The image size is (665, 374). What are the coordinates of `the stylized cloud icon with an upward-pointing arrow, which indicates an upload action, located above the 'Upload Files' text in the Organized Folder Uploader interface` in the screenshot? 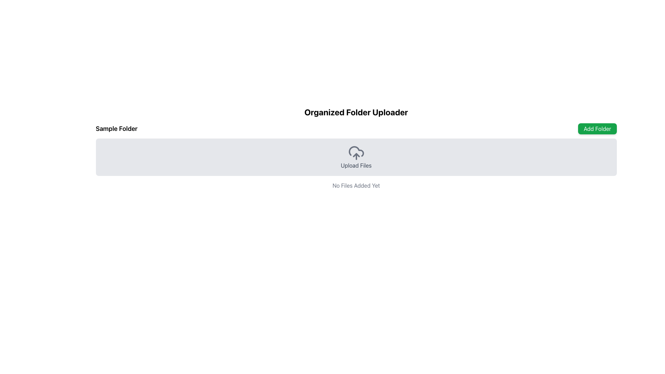 It's located at (356, 153).